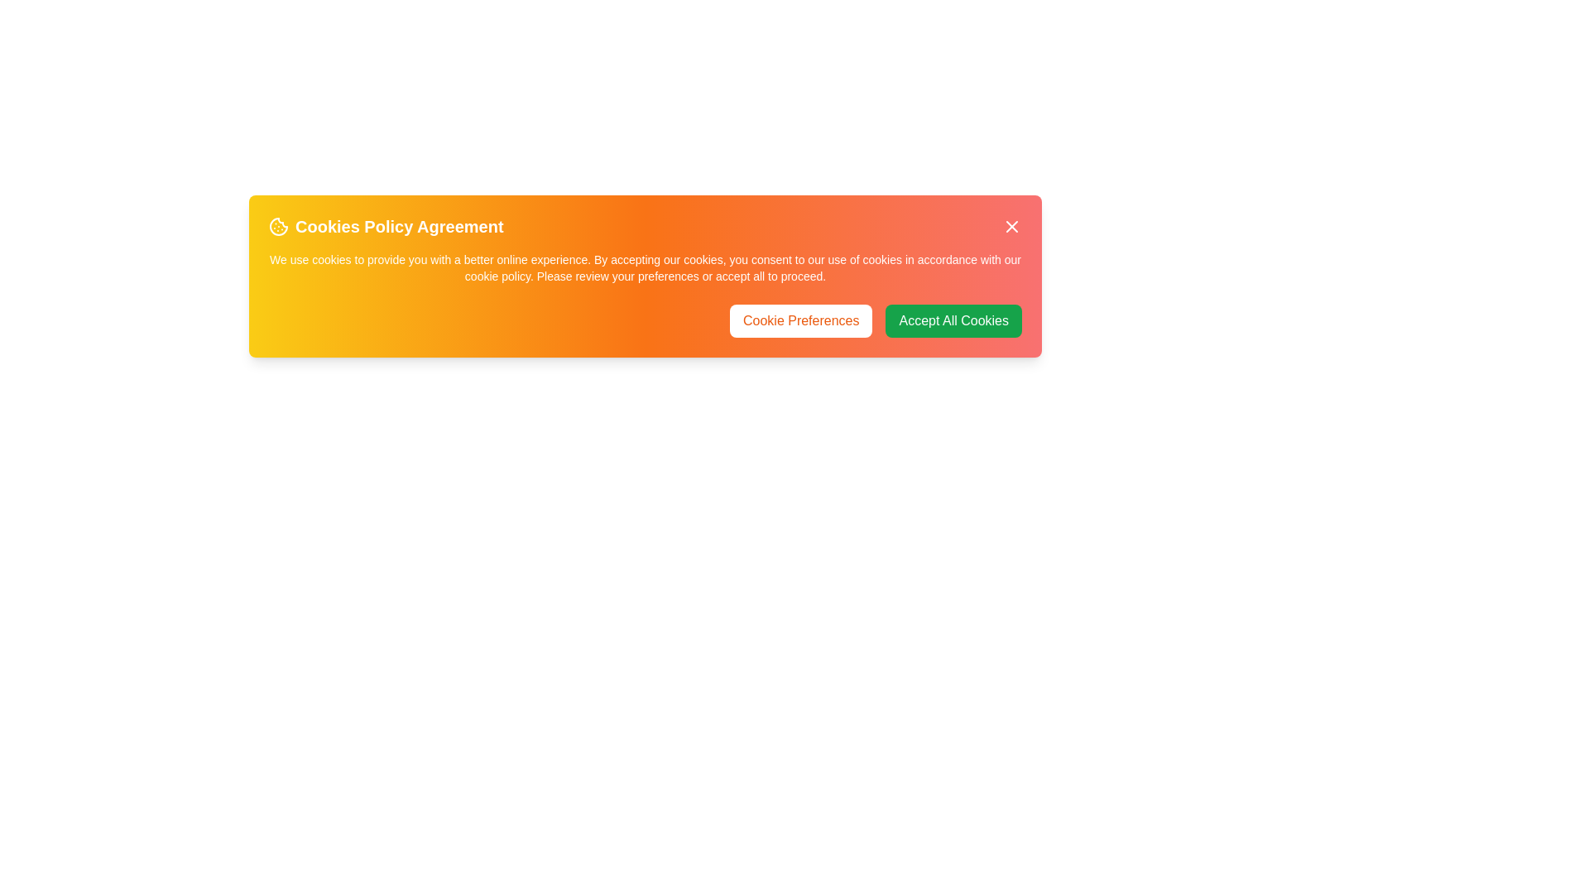 This screenshot has width=1589, height=894. What do you see at coordinates (801, 321) in the screenshot?
I see `the 'Cookie Preferences' button, which is a rectangular button with orange text on a white background, located at the bottom-right corner of the cookie policy agreement modal` at bounding box center [801, 321].